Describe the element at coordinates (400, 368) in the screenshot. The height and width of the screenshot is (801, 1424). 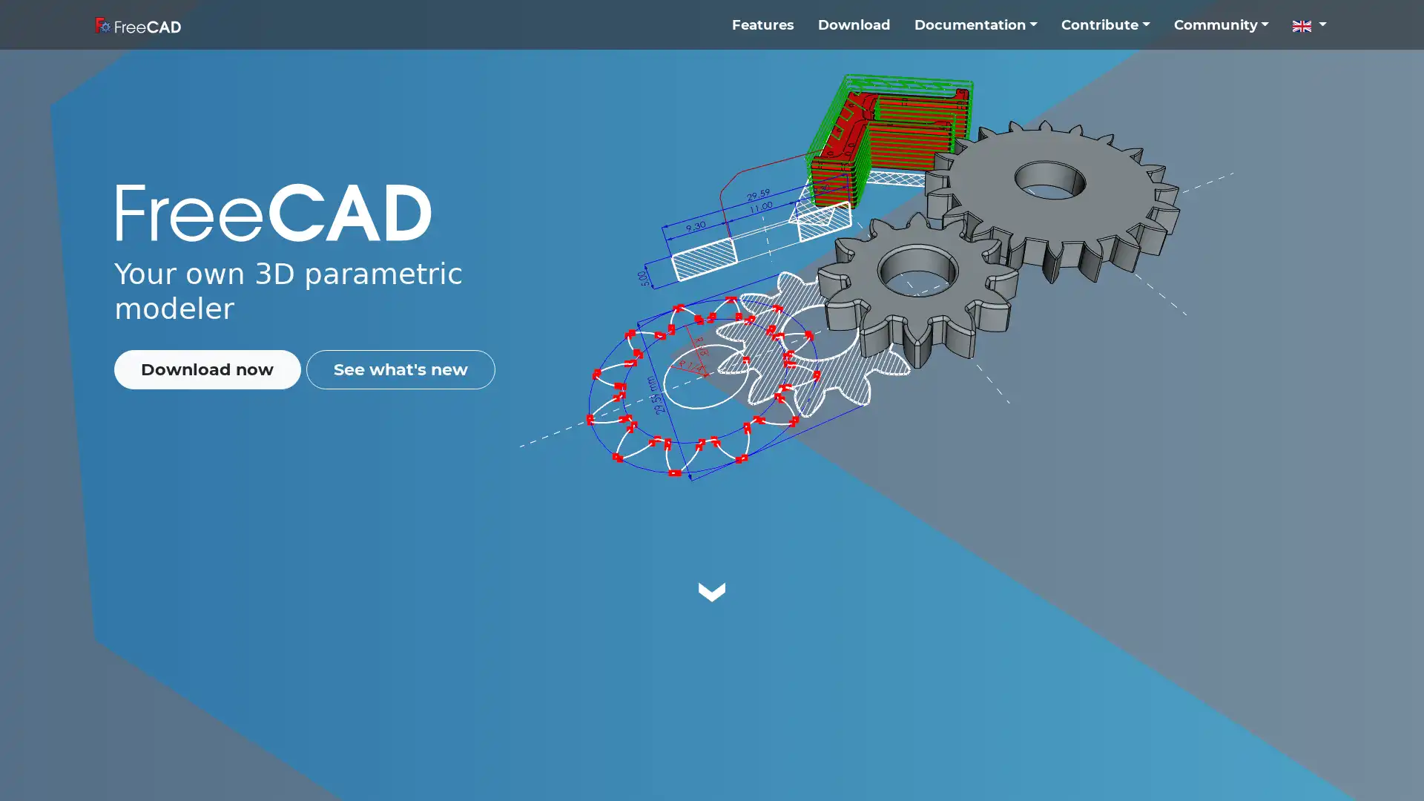
I see `See what's new` at that location.